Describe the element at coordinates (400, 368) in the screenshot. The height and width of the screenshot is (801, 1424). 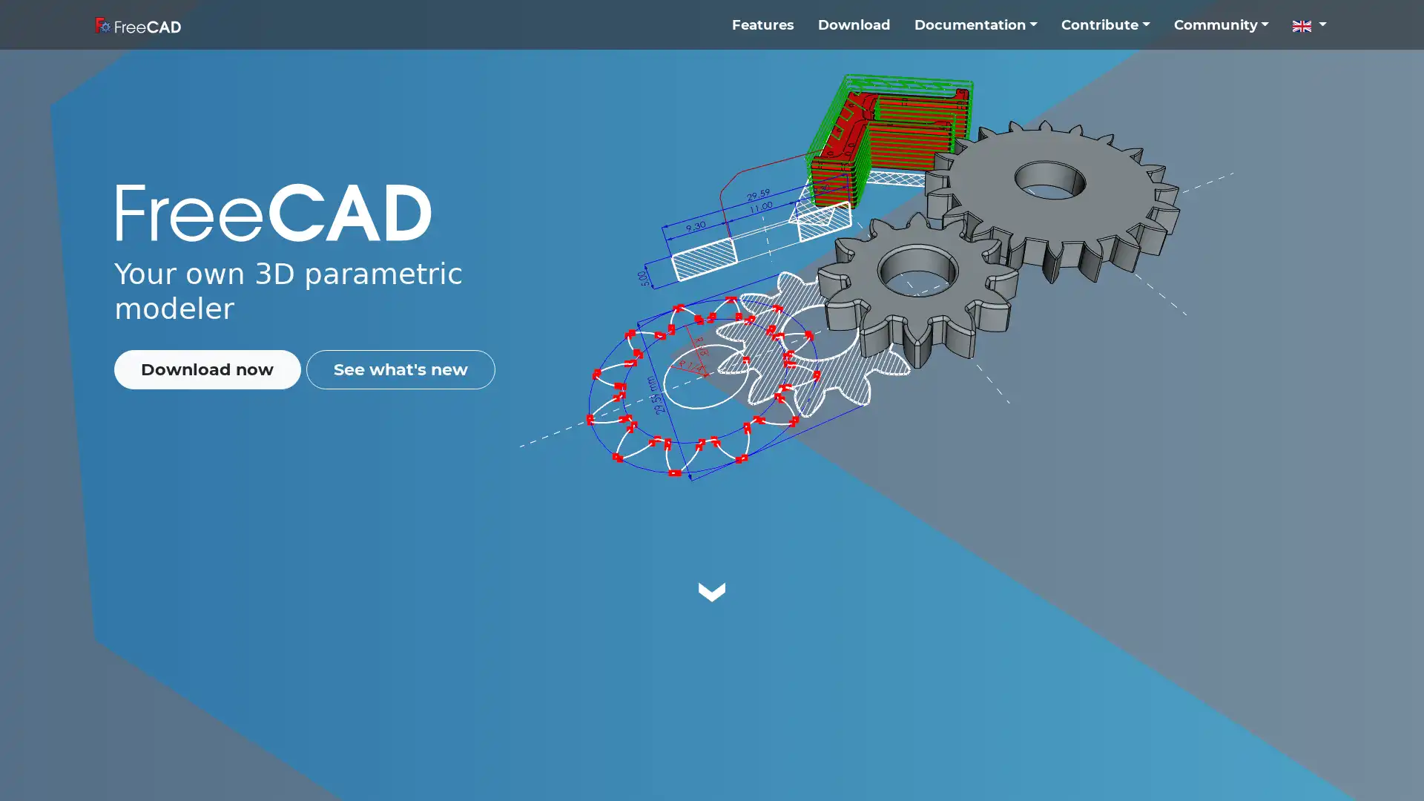
I see `See what's new` at that location.